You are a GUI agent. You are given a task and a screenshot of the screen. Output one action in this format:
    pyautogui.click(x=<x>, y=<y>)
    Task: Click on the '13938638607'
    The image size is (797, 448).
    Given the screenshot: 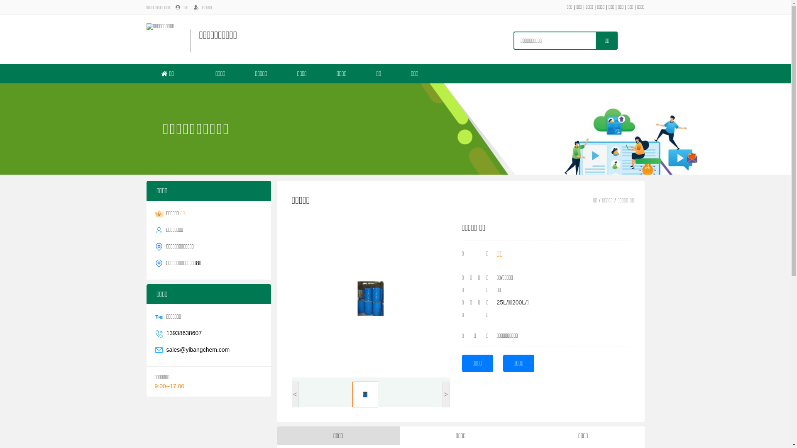 What is the action you would take?
    pyautogui.click(x=183, y=332)
    